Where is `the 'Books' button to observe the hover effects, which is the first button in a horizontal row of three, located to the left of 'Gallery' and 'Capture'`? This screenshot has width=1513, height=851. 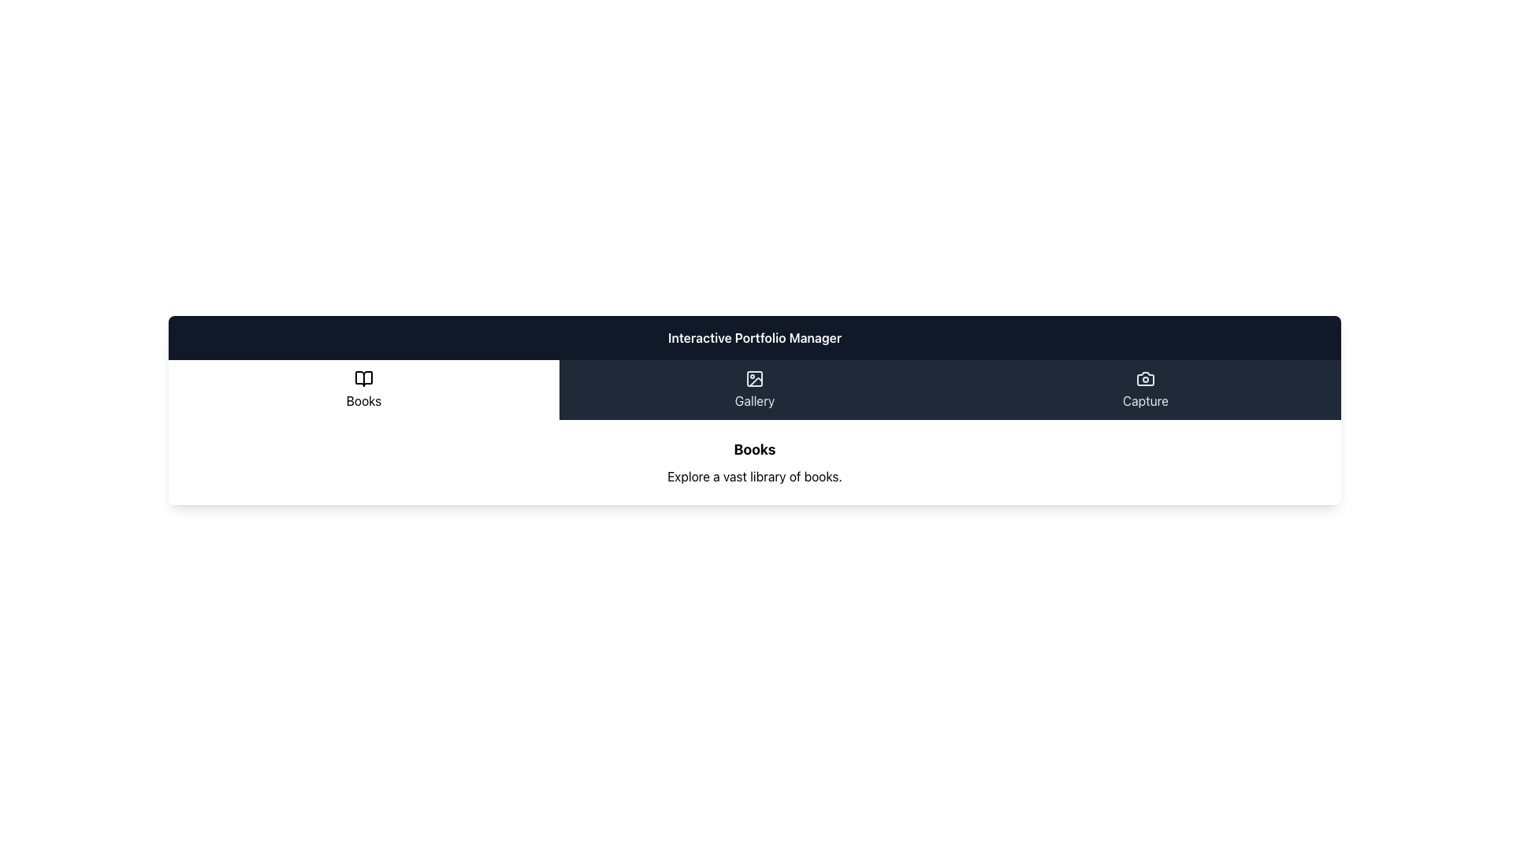 the 'Books' button to observe the hover effects, which is the first button in a horizontal row of three, located to the left of 'Gallery' and 'Capture' is located at coordinates (362, 389).